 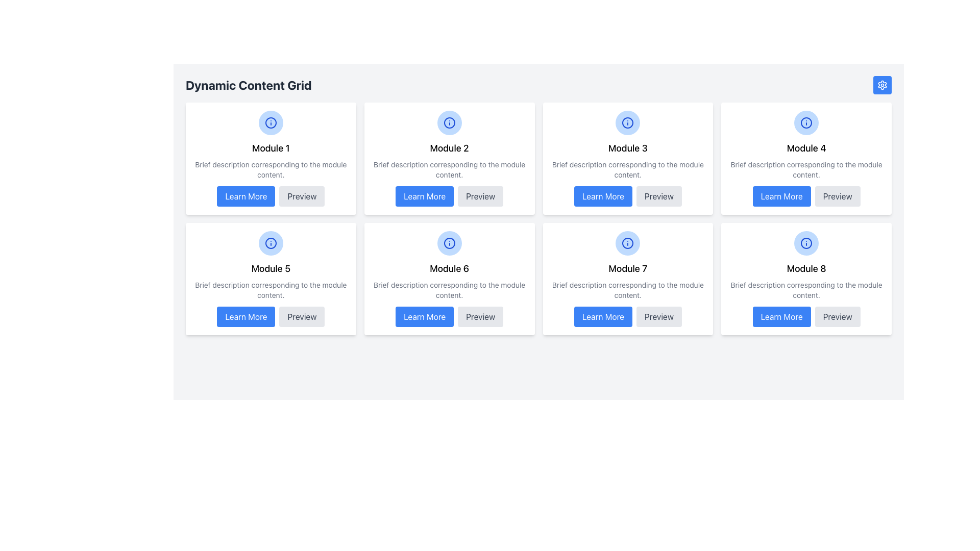 I want to click on the 'Learn More' button related to 'Module 2', so click(x=425, y=196).